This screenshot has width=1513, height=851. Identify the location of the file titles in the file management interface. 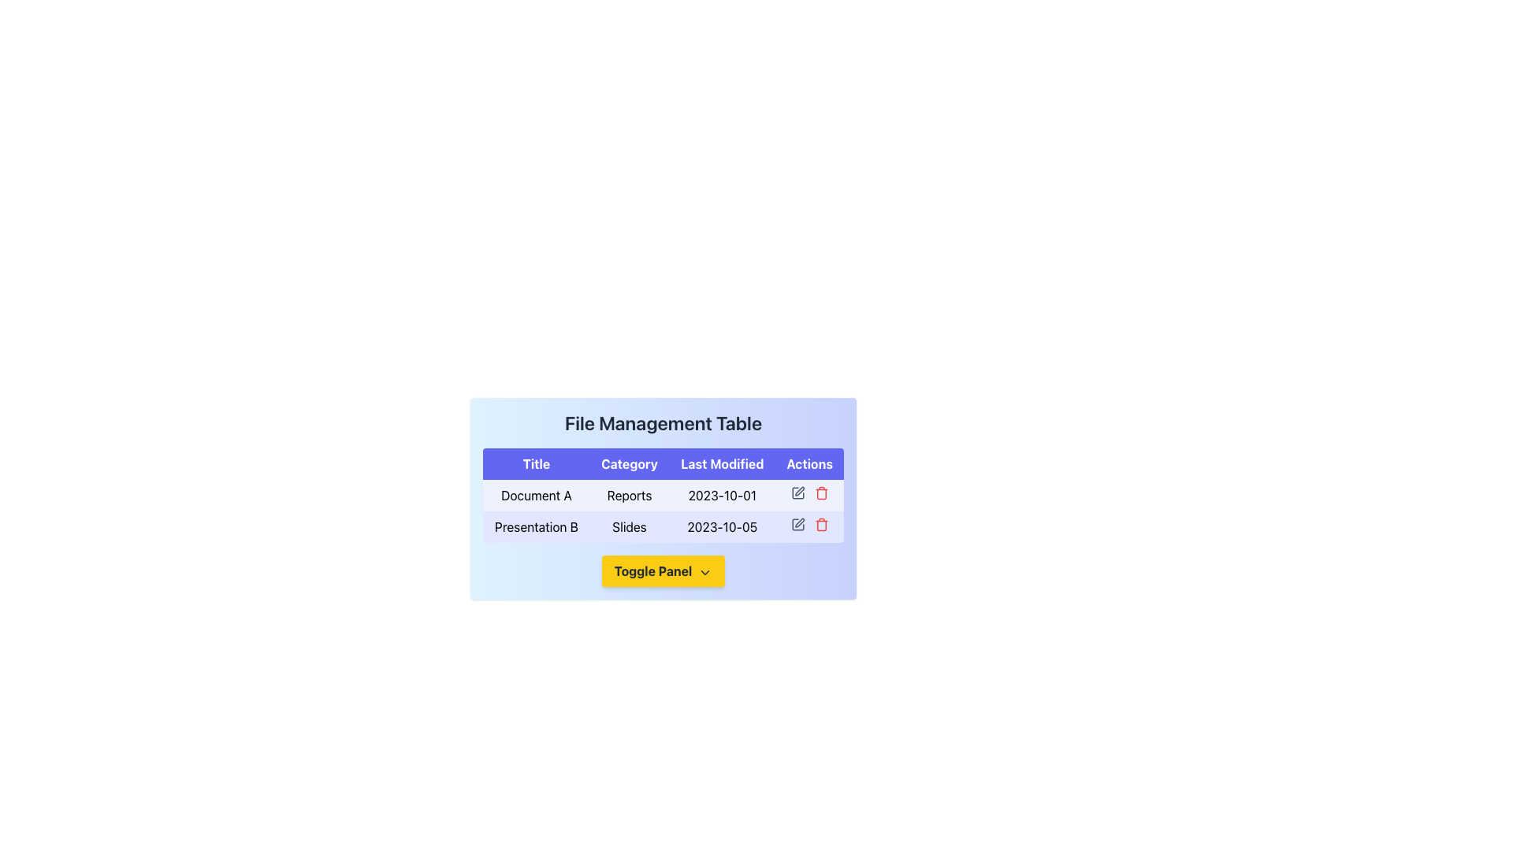
(663, 590).